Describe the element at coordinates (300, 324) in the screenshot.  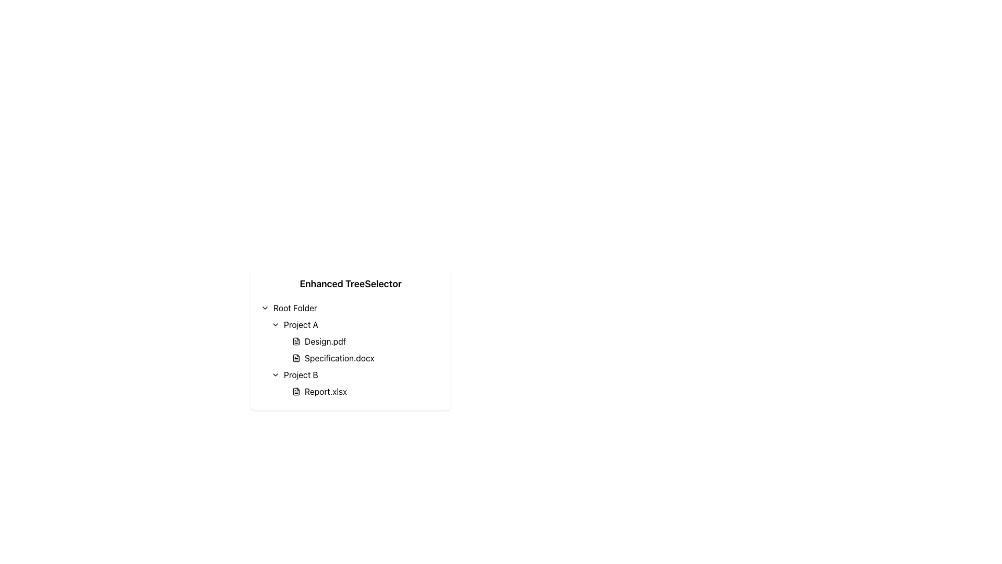
I see `the selectable text label for the 'Project A' node in the tree view hierarchy` at that location.